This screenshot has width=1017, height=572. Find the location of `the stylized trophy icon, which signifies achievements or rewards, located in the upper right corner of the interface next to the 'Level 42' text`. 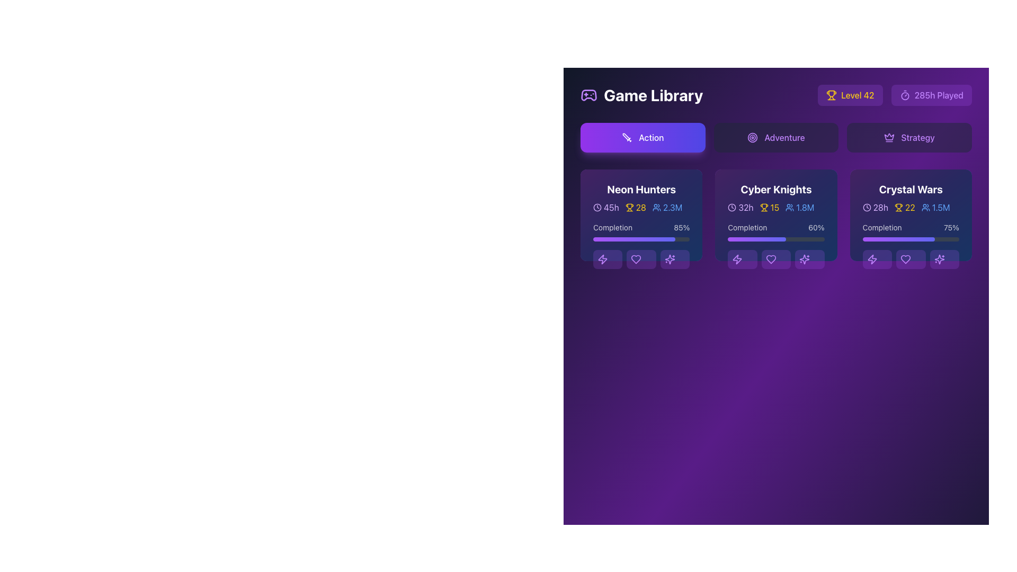

the stylized trophy icon, which signifies achievements or rewards, located in the upper right corner of the interface next to the 'Level 42' text is located at coordinates (629, 206).